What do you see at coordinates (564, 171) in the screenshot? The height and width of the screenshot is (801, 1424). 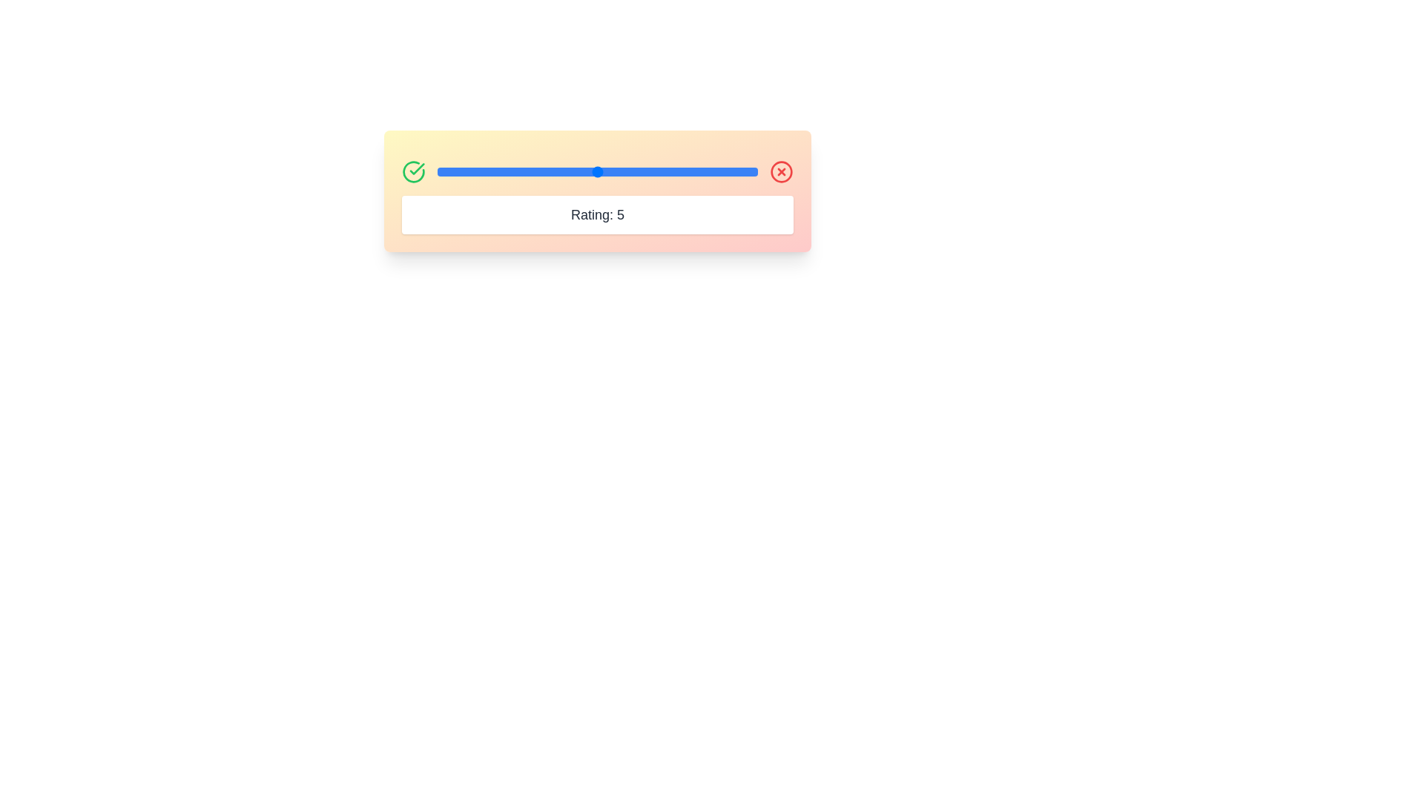 I see `the rating` at bounding box center [564, 171].